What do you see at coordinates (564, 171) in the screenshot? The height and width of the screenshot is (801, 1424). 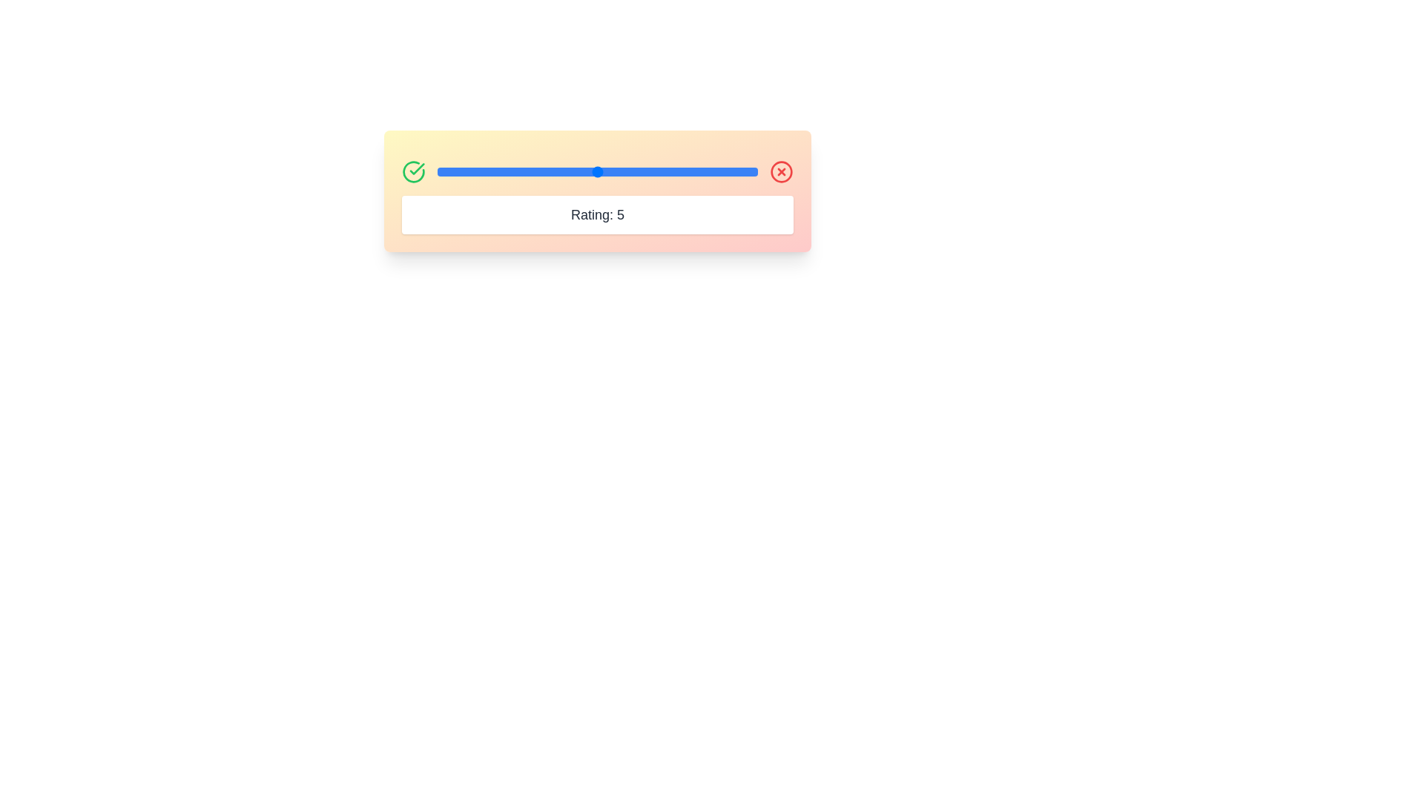 I see `the rating` at bounding box center [564, 171].